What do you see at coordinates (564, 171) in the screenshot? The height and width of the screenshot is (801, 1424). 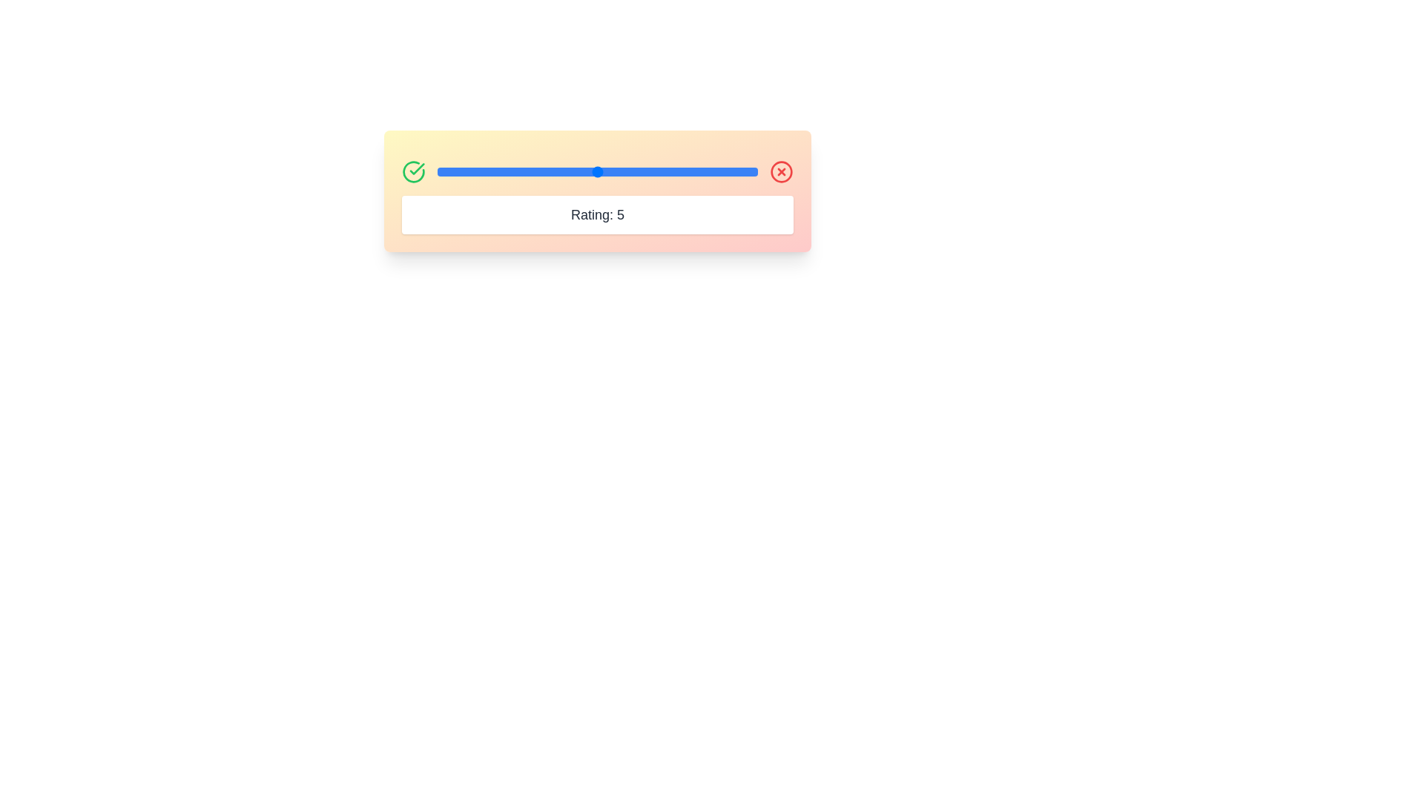 I see `the rating` at bounding box center [564, 171].